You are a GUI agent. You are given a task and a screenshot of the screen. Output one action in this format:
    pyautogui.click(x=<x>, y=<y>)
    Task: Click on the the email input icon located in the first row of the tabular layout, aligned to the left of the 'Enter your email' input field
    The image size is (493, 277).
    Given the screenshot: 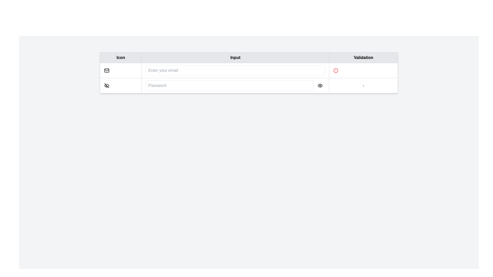 What is the action you would take?
    pyautogui.click(x=106, y=70)
    